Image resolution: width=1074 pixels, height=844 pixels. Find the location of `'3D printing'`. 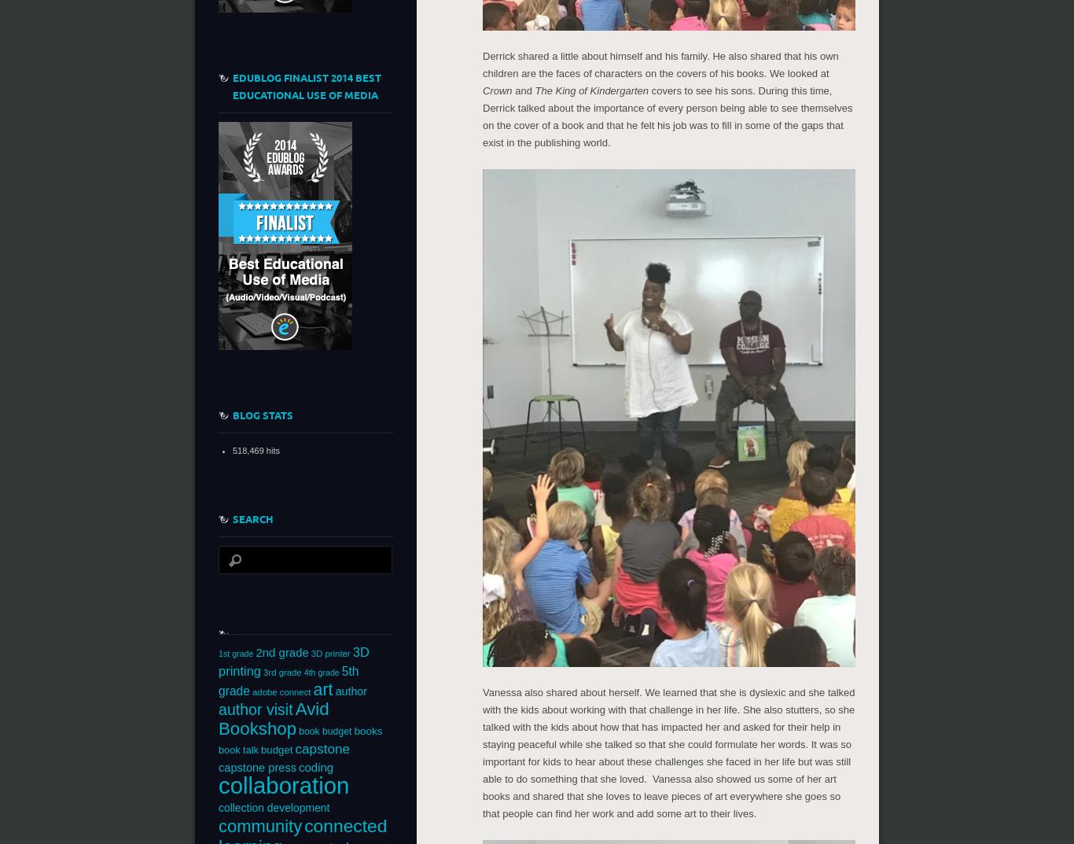

'3D printing' is located at coordinates (292, 661).